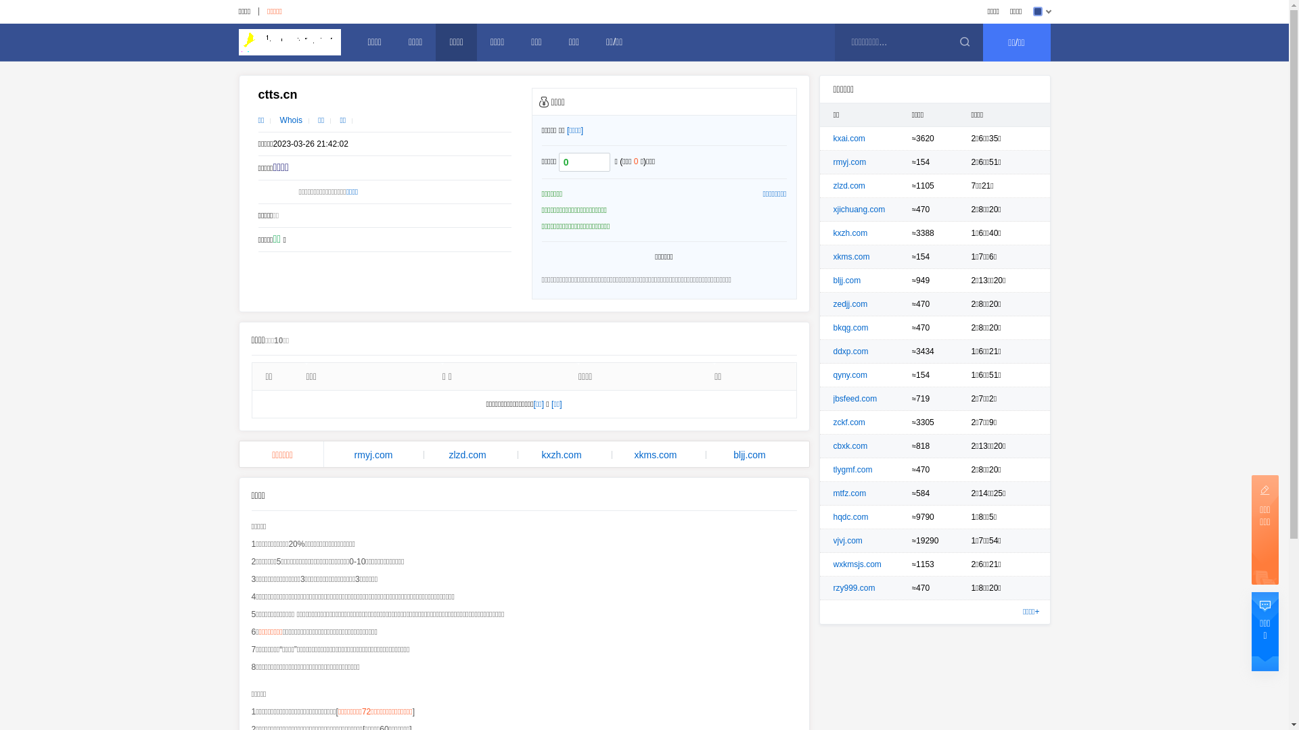 This screenshot has width=1299, height=730. What do you see at coordinates (833, 445) in the screenshot?
I see `'cbxk.com'` at bounding box center [833, 445].